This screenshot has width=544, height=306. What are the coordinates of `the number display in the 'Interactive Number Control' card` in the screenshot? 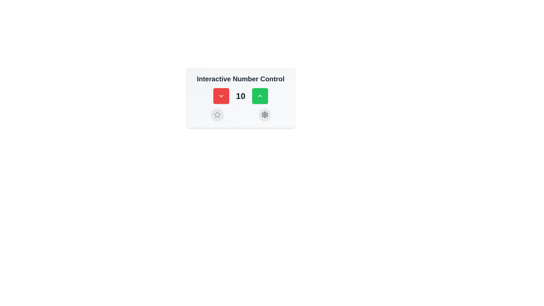 It's located at (241, 96).